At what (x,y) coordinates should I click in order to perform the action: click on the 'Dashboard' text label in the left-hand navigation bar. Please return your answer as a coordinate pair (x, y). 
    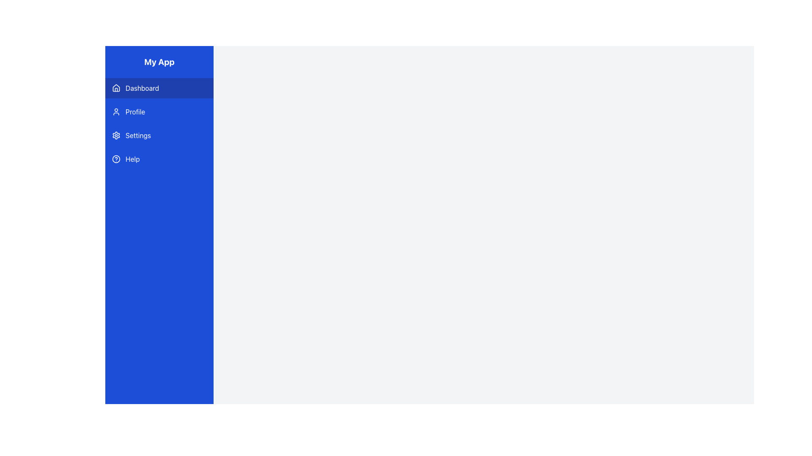
    Looking at the image, I should click on (142, 88).